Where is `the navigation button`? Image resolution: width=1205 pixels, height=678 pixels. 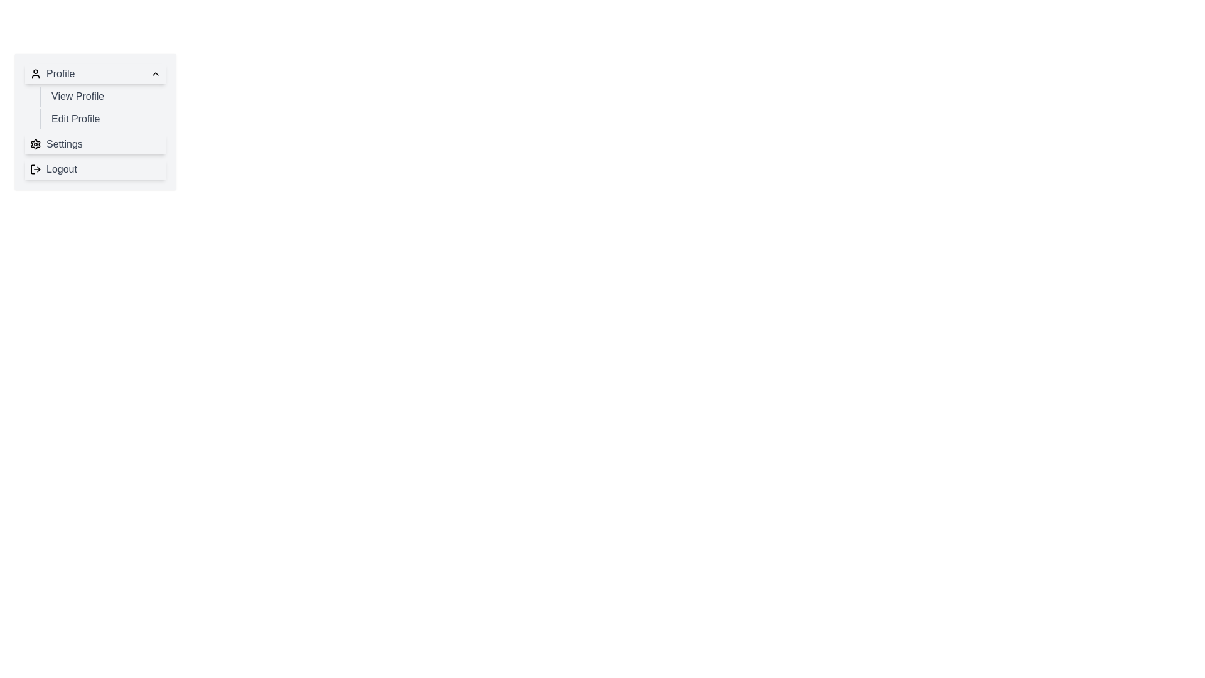 the navigation button is located at coordinates (102, 96).